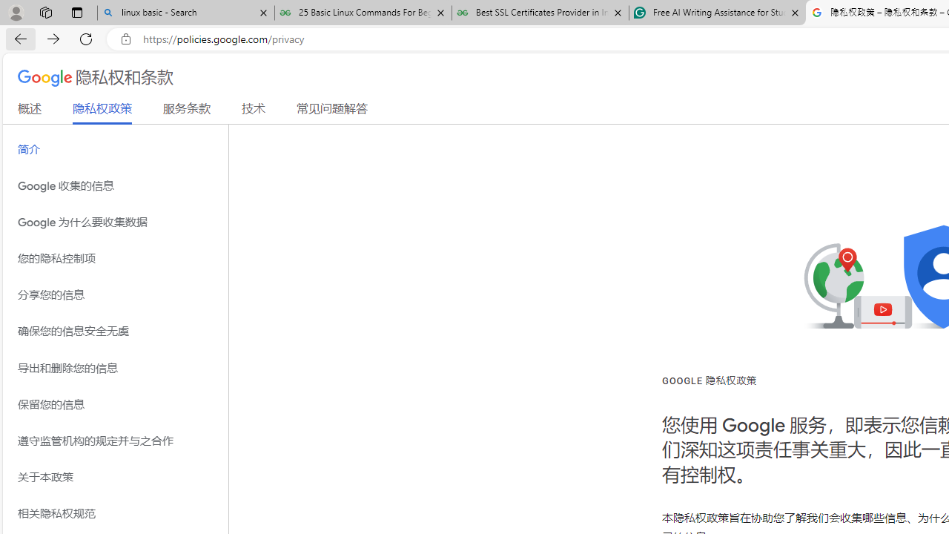  Describe the element at coordinates (363, 13) in the screenshot. I see `'25 Basic Linux Commands For Beginners - GeeksforGeeks'` at that location.